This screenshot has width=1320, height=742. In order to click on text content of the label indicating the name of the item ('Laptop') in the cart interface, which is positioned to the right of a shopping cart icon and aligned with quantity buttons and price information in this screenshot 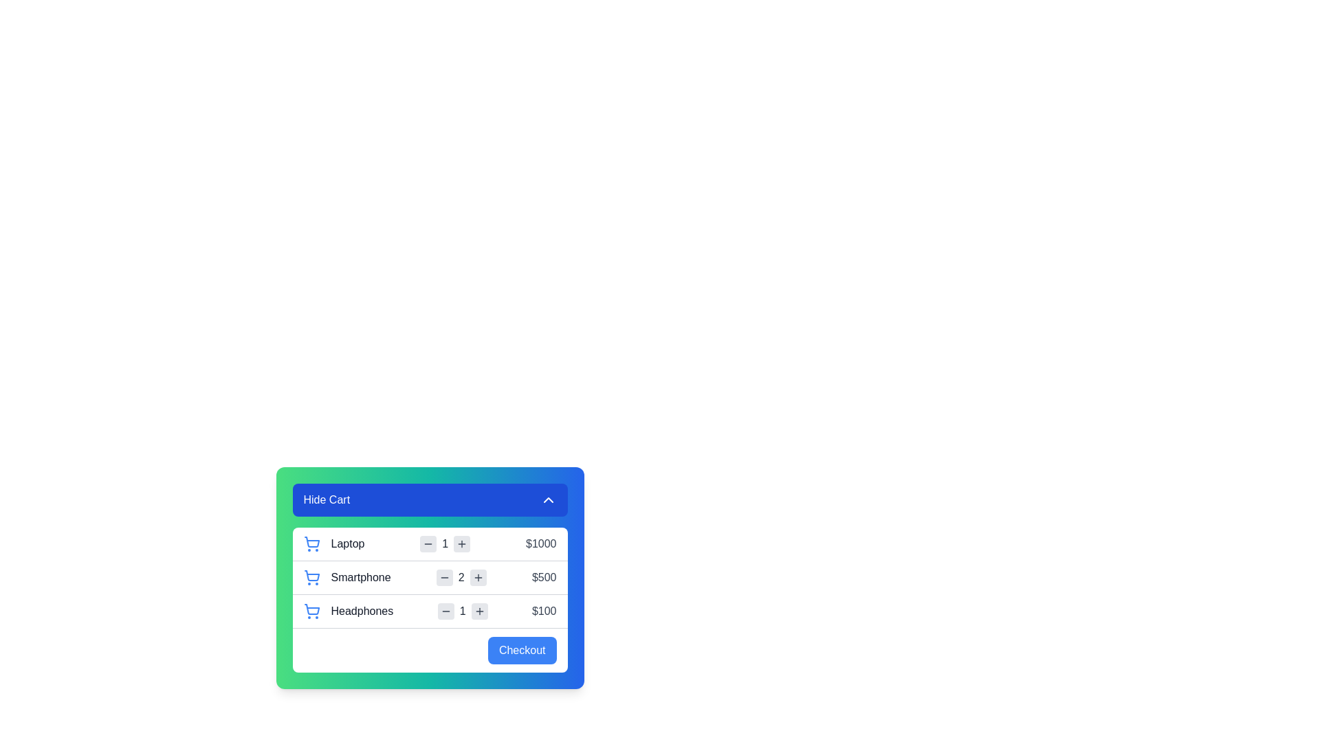, I will do `click(333, 543)`.